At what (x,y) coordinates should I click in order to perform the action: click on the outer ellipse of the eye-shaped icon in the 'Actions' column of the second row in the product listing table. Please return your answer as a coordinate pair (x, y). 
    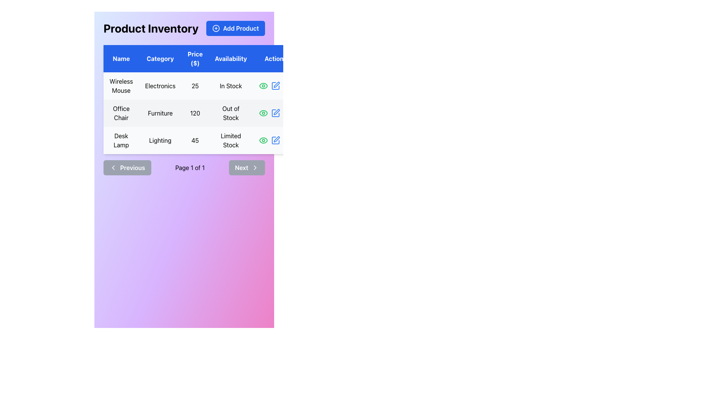
    Looking at the image, I should click on (264, 113).